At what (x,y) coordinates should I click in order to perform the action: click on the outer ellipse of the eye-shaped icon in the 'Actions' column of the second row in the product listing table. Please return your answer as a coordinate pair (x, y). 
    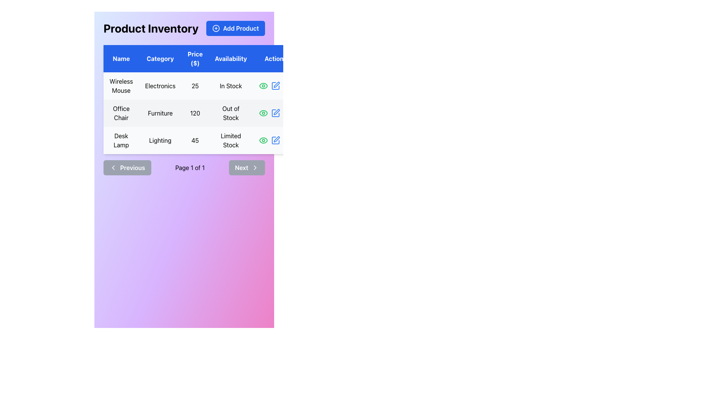
    Looking at the image, I should click on (264, 113).